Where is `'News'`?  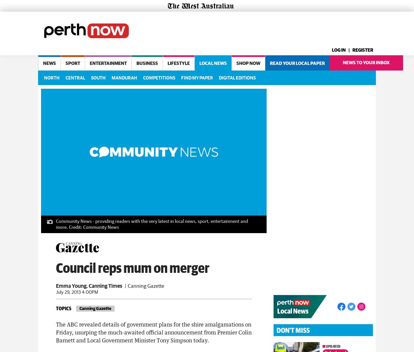
'News' is located at coordinates (49, 63).